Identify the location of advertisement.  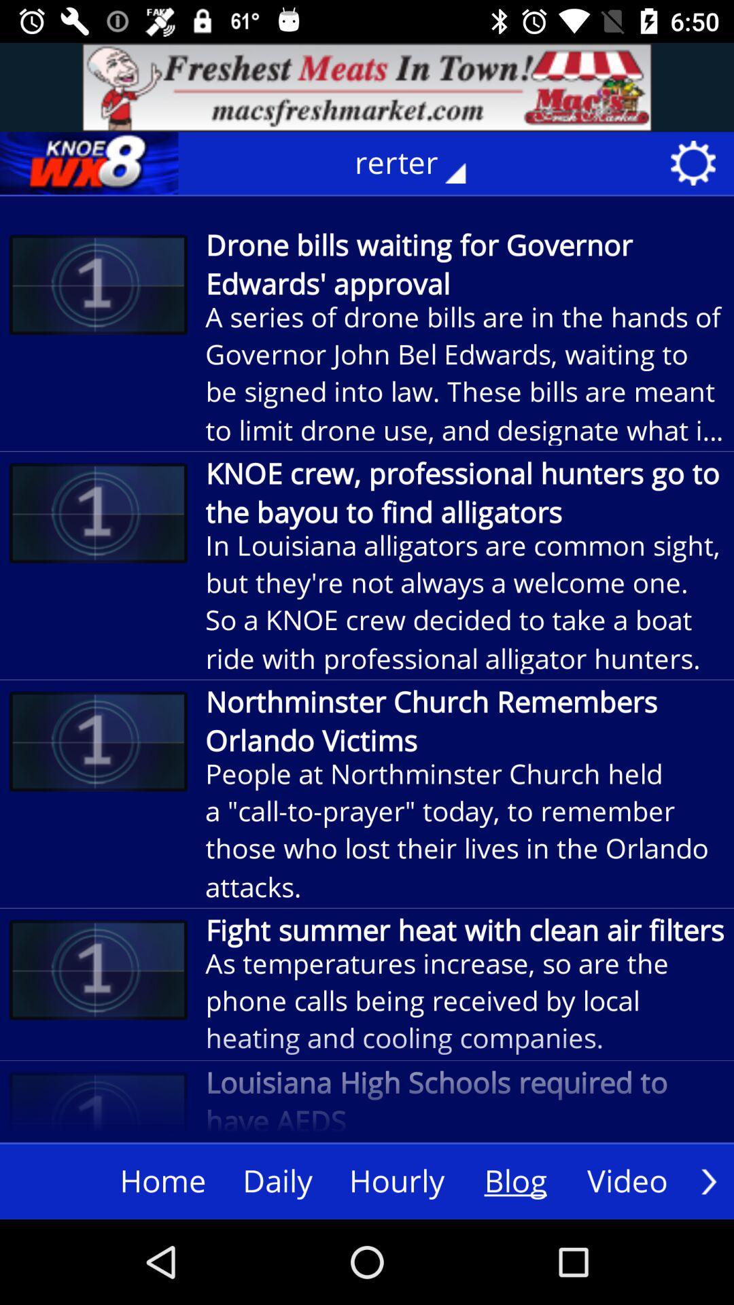
(367, 86).